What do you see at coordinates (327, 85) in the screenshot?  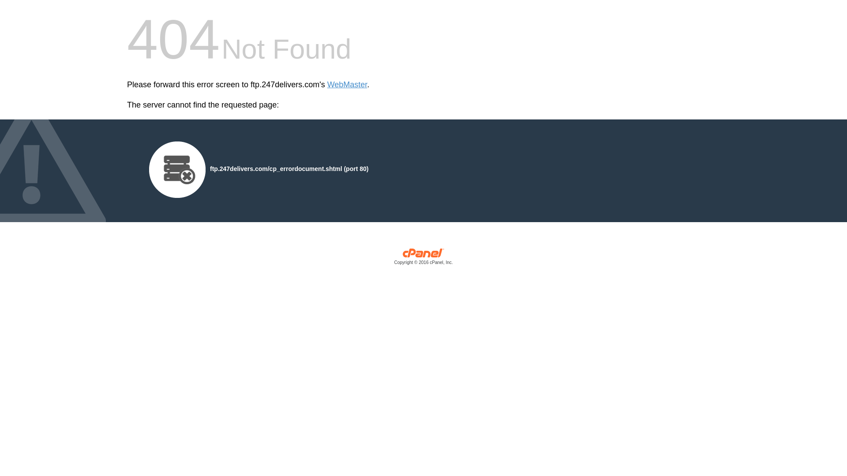 I see `'WebMaster'` at bounding box center [327, 85].